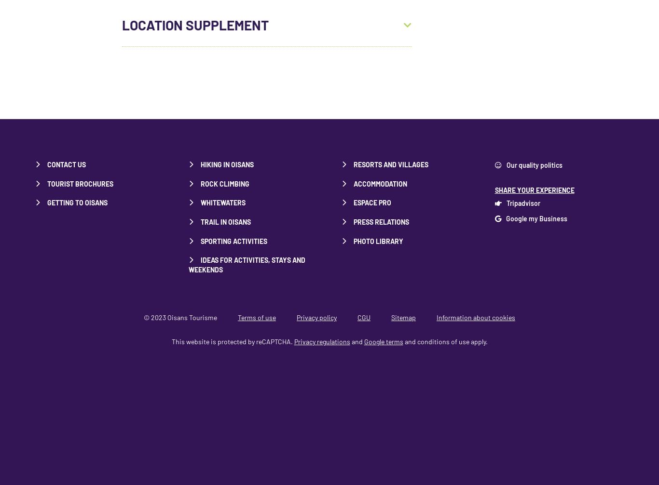 Image resolution: width=659 pixels, height=485 pixels. What do you see at coordinates (357, 317) in the screenshot?
I see `'CGU'` at bounding box center [357, 317].